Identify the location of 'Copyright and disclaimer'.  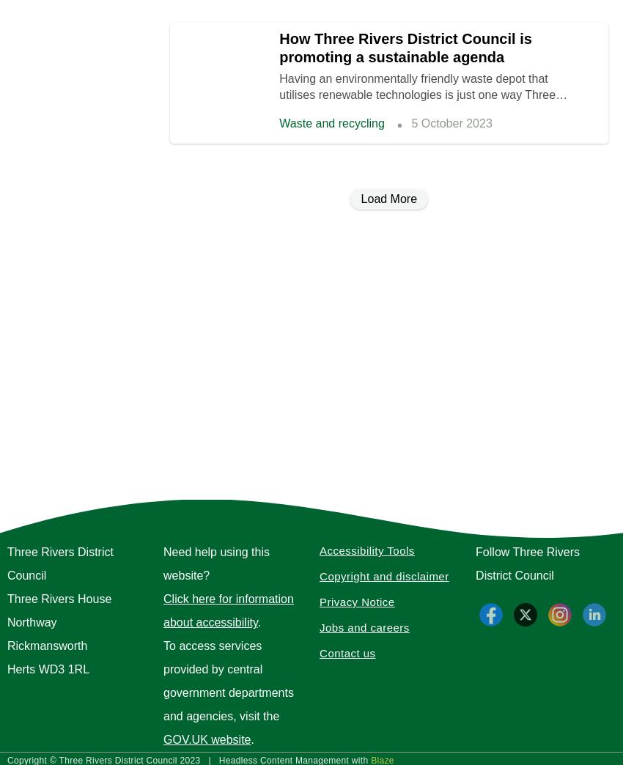
(318, 575).